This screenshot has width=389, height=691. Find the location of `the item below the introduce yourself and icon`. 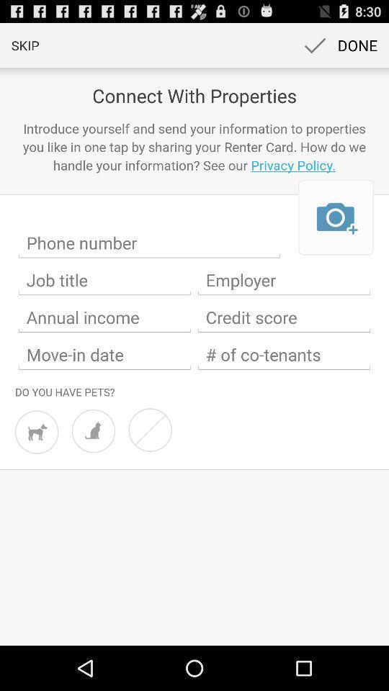

the item below the introduce yourself and icon is located at coordinates (336, 217).